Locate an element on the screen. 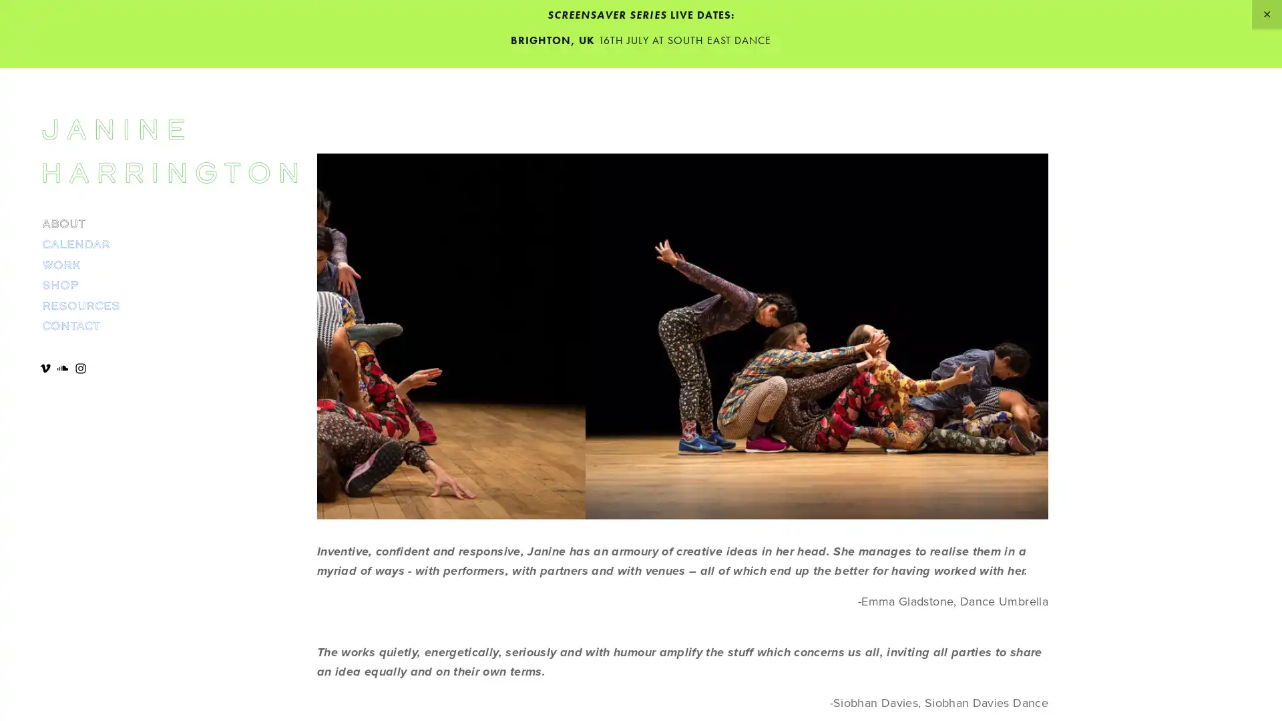 This screenshot has width=1282, height=721. SUBSCRIBE is located at coordinates (1130, 585).